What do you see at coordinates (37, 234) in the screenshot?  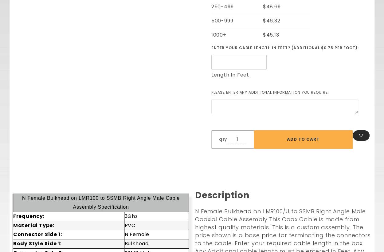 I see `'Connector Side 1:'` at bounding box center [37, 234].